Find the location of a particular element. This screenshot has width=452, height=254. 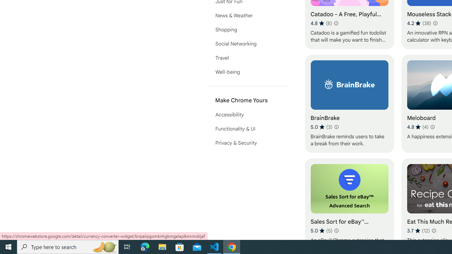

'Average rating 4.2 out of 5 stars. 38 ratings.' is located at coordinates (419, 23).